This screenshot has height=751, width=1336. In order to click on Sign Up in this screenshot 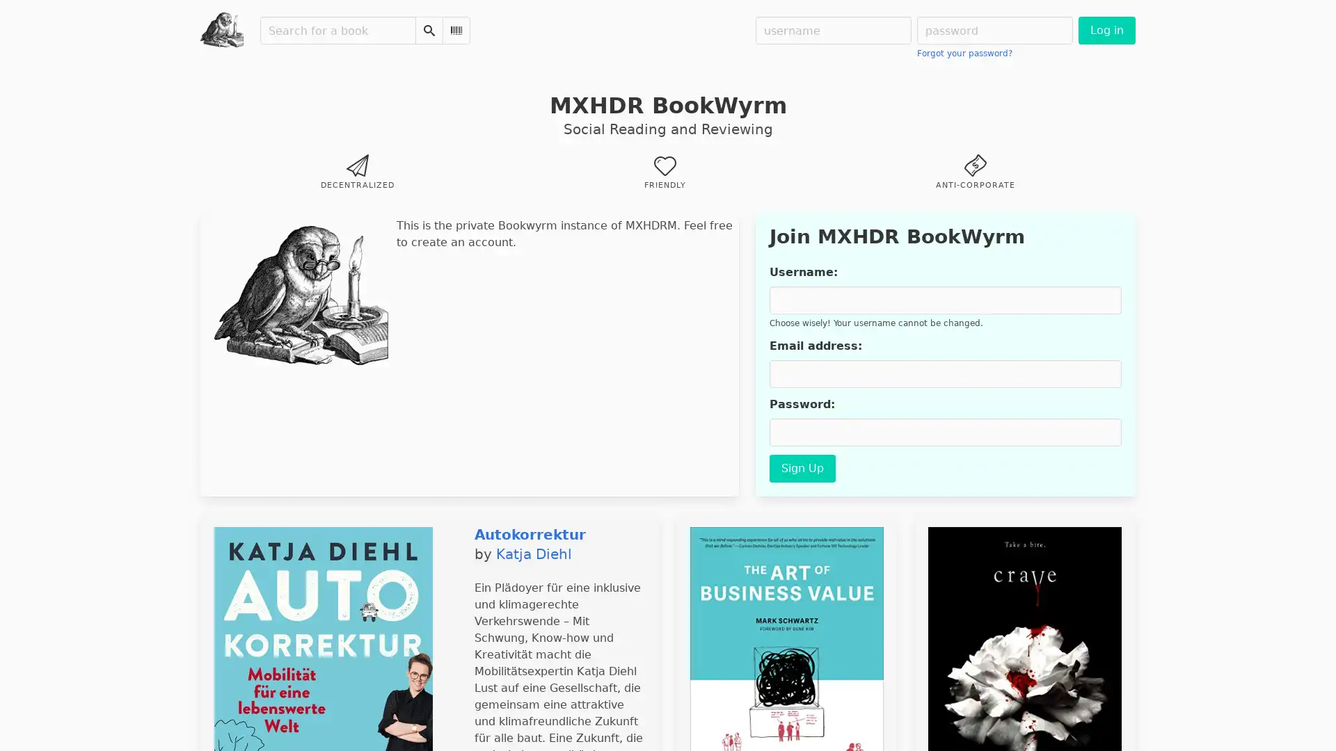, I will do `click(802, 469)`.